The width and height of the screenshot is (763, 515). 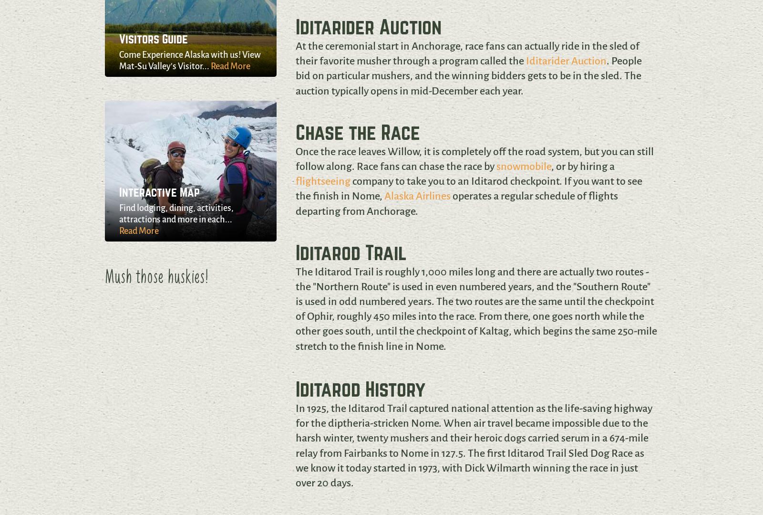 What do you see at coordinates (360, 389) in the screenshot?
I see `'Iditarod History'` at bounding box center [360, 389].